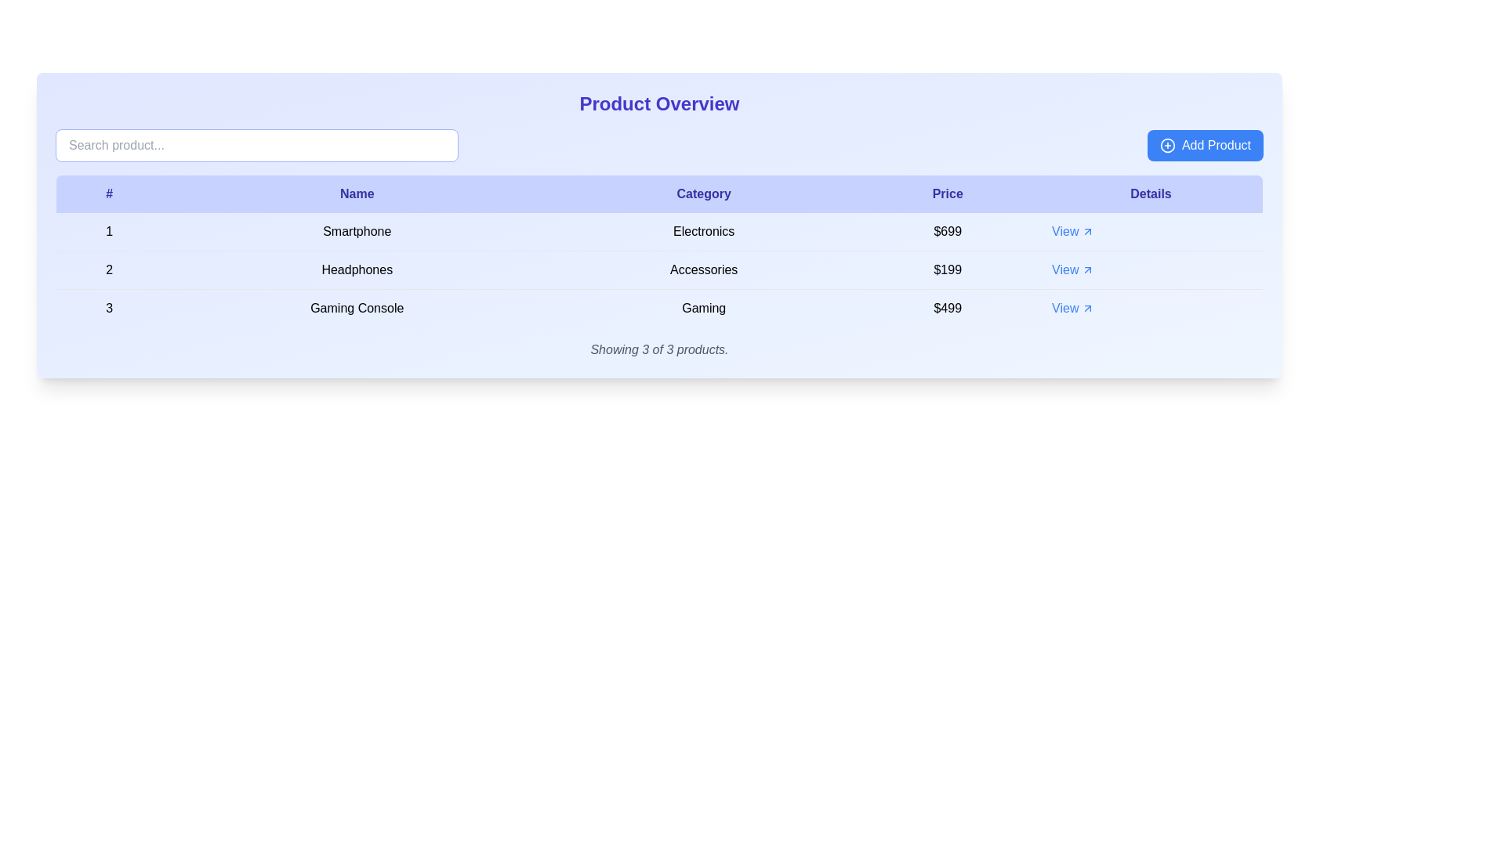 The image size is (1505, 846). I want to click on the 'Headphones' text label in the second row of the table under the 'Name' column, so click(356, 269).